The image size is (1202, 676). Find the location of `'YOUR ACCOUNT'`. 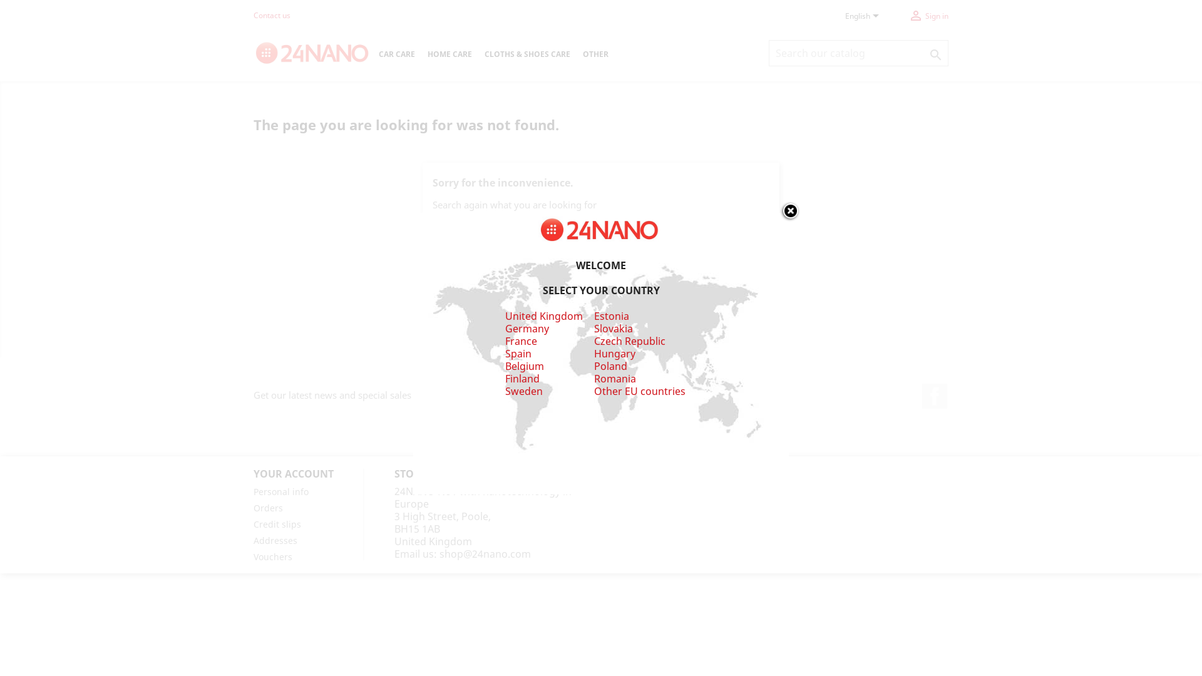

'YOUR ACCOUNT' is located at coordinates (293, 473).